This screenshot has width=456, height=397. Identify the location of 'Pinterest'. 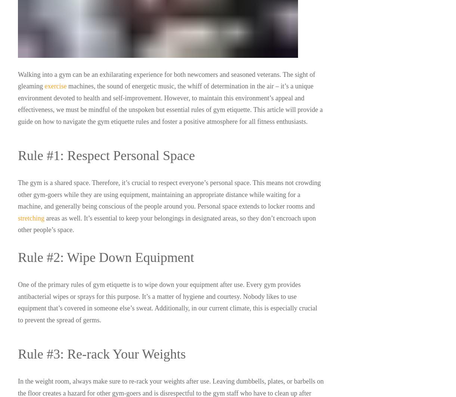
(400, 317).